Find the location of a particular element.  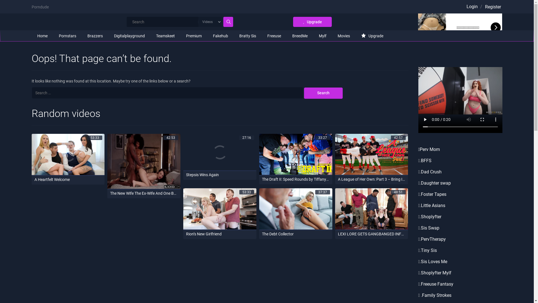

'Porndude' is located at coordinates (40, 7).